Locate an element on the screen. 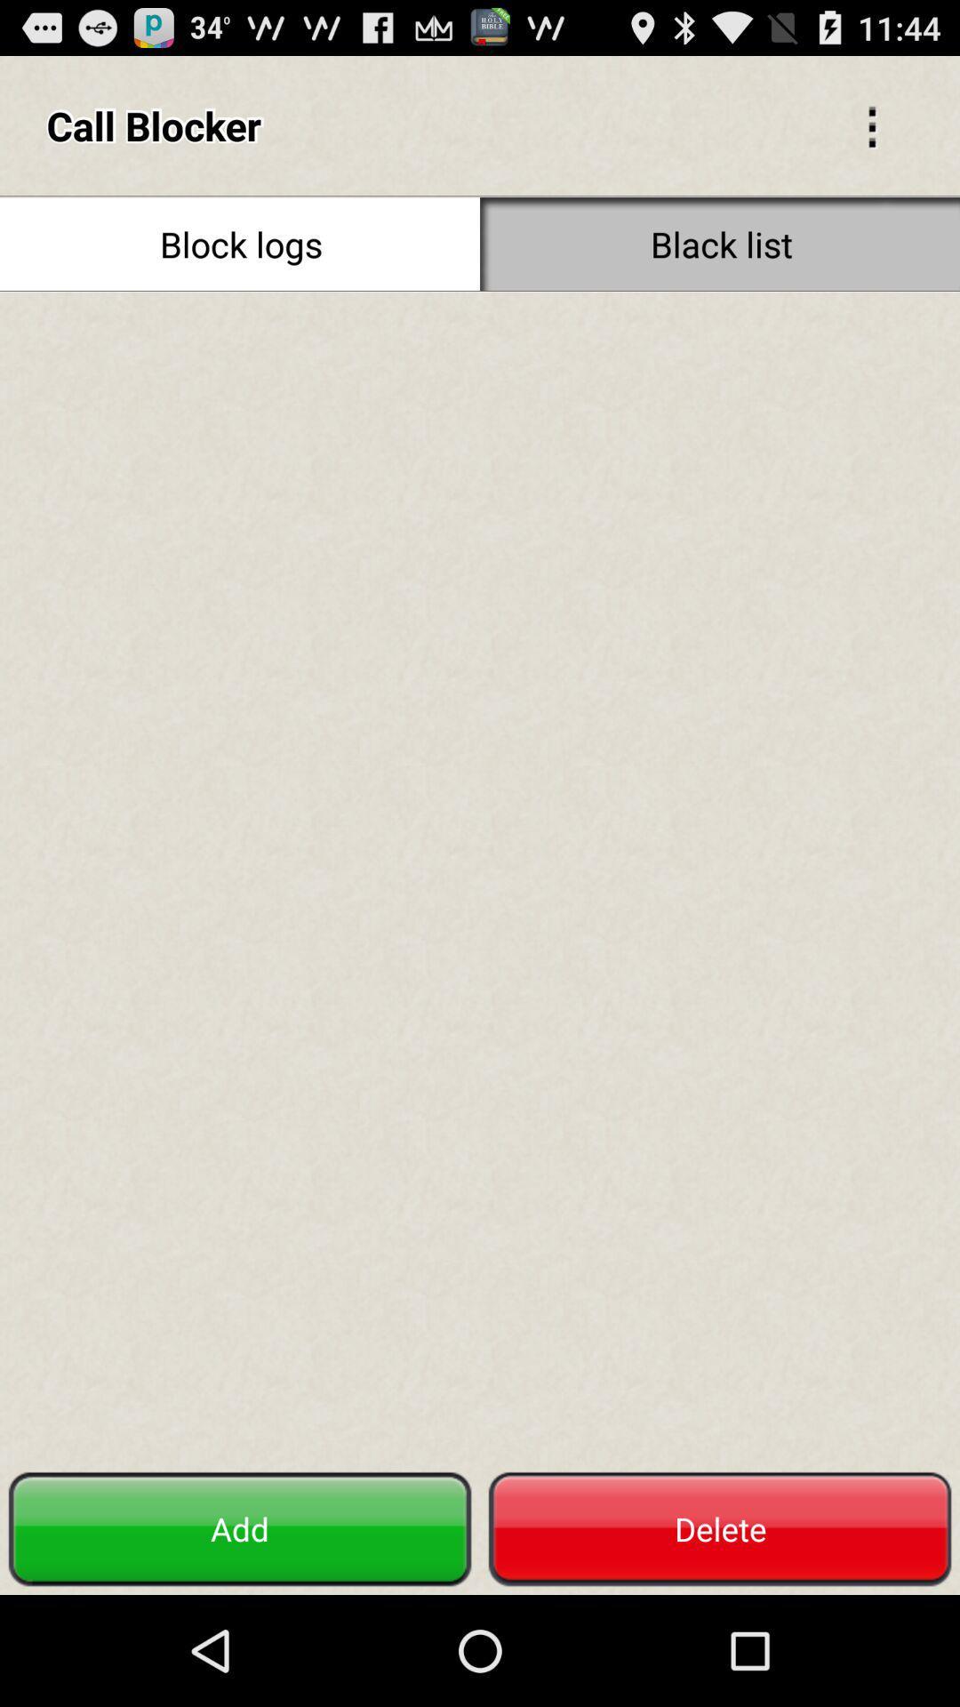  block logs button is located at coordinates (240, 243).